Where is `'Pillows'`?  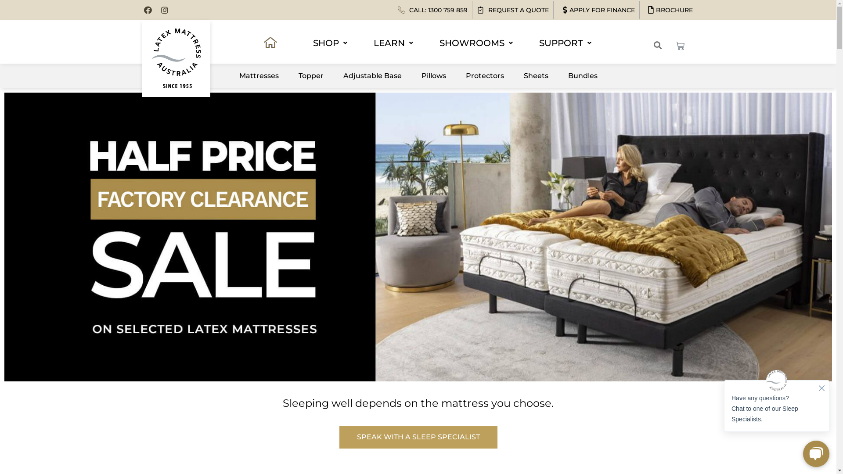
'Pillows' is located at coordinates (433, 75).